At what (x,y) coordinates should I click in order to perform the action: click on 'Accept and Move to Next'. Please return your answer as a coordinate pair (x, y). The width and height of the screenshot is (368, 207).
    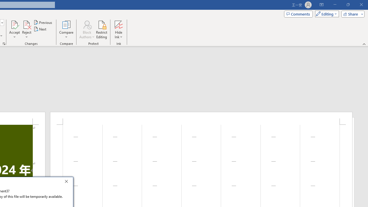
    Looking at the image, I should click on (14, 24).